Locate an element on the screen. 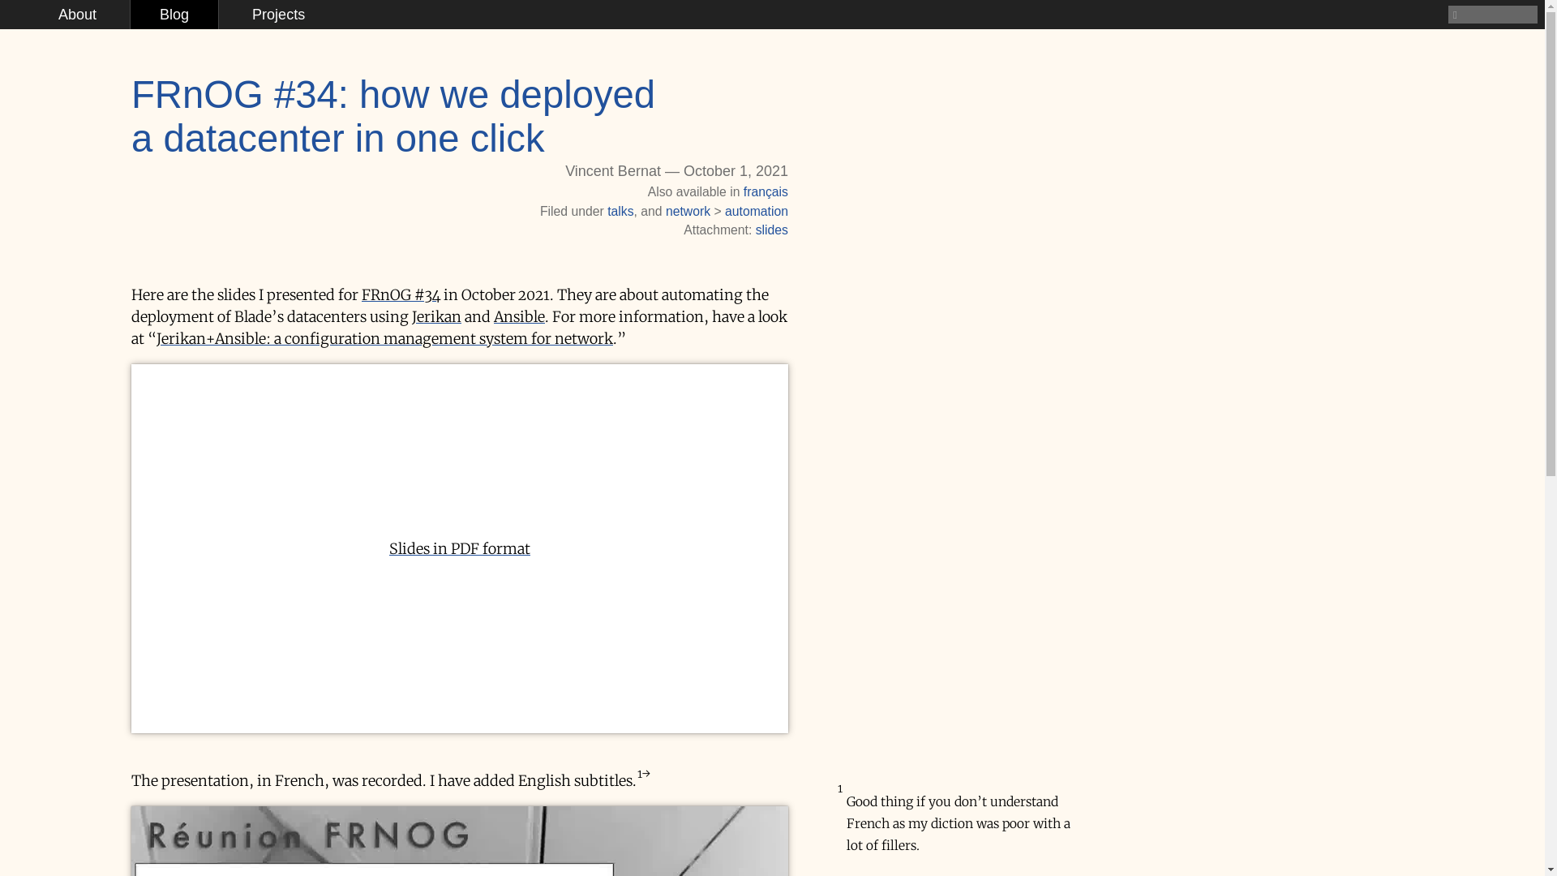 The image size is (1557, 876). 'slides' is located at coordinates (770, 230).